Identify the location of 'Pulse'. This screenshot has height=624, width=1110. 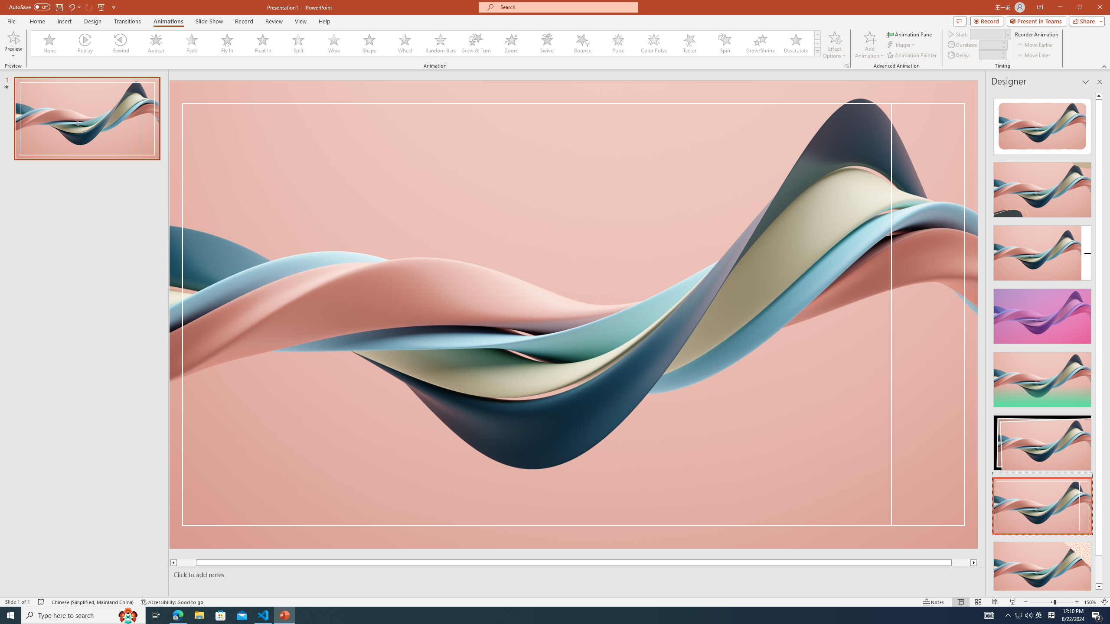
(617, 43).